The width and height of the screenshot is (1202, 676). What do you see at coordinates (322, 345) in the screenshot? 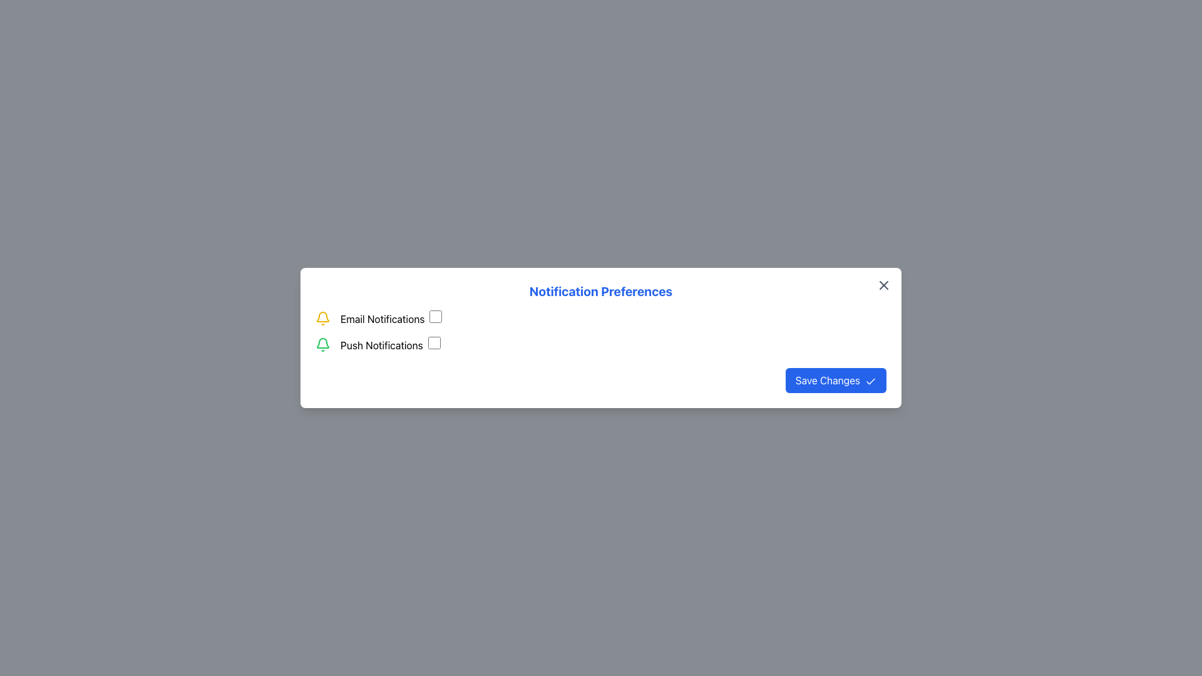
I see `the icon indicating push notifications, located to the left of the checkbox in the 'Push Notifications' row` at bounding box center [322, 345].